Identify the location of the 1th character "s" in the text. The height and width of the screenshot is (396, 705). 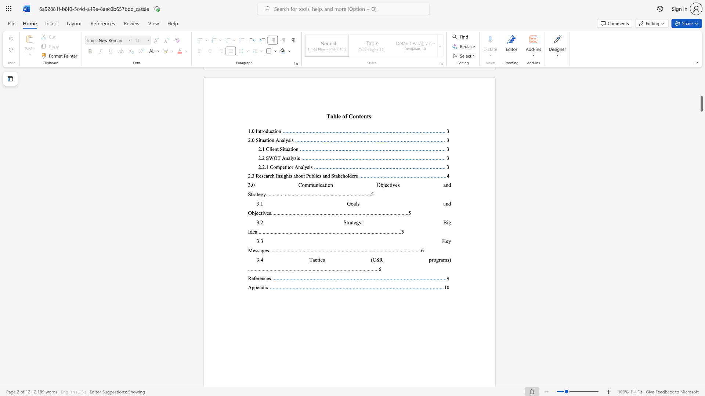
(269, 278).